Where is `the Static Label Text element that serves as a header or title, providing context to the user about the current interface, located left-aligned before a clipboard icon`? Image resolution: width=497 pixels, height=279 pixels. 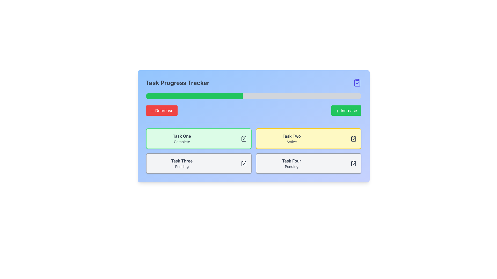
the Static Label Text element that serves as a header or title, providing context to the user about the current interface, located left-aligned before a clipboard icon is located at coordinates (178, 82).